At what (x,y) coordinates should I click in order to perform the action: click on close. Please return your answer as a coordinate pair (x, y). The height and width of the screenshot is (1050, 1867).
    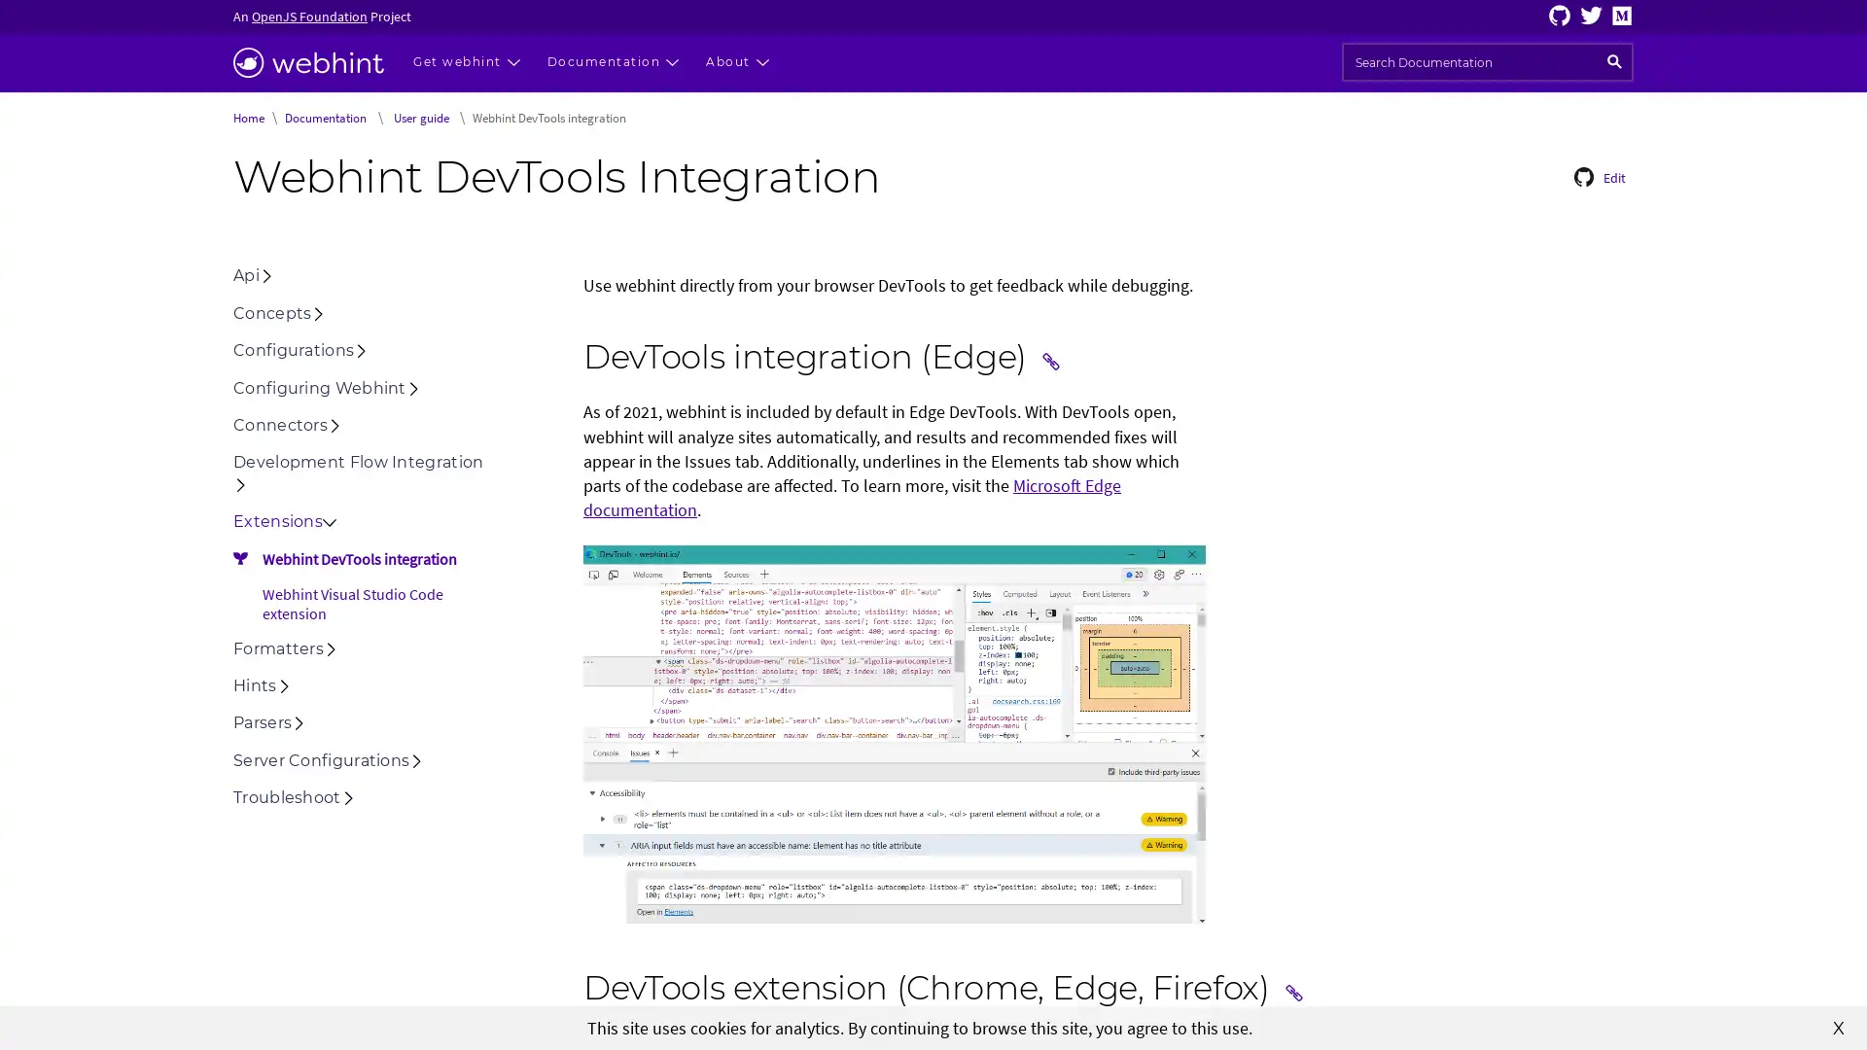
    Looking at the image, I should click on (1838, 1026).